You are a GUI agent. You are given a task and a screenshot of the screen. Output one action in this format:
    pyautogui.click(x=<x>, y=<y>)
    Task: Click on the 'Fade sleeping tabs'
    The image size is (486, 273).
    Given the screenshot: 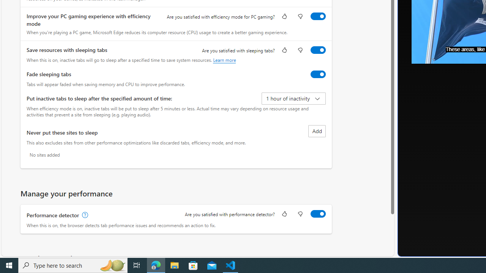 What is the action you would take?
    pyautogui.click(x=318, y=74)
    